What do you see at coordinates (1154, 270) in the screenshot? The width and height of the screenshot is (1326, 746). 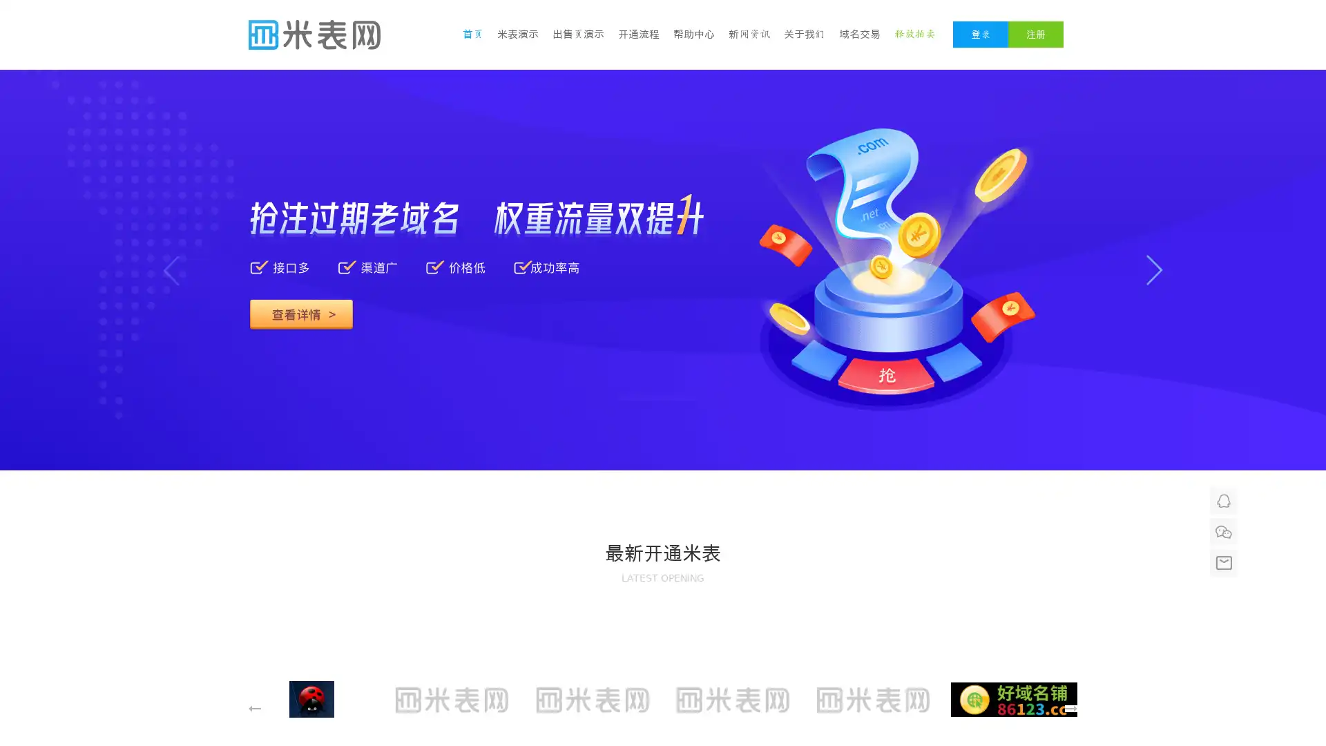 I see `Next slide` at bounding box center [1154, 270].